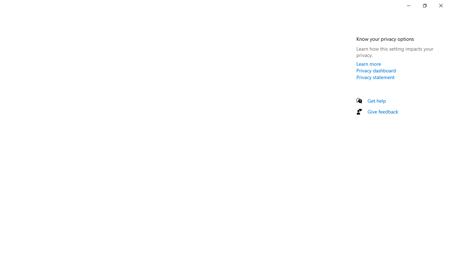 The height and width of the screenshot is (253, 449). I want to click on 'Give feedback', so click(382, 111).